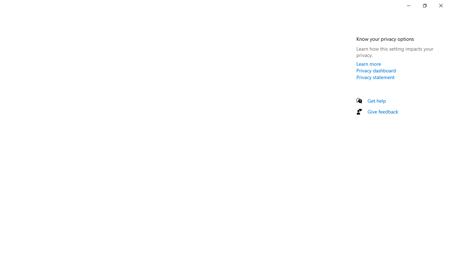 The height and width of the screenshot is (253, 449). I want to click on 'Give feedback', so click(382, 111).